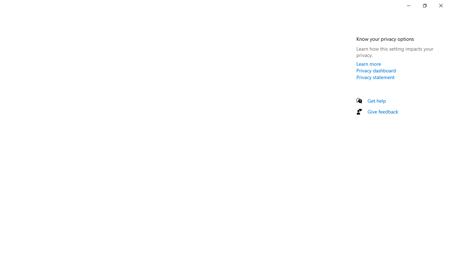 The height and width of the screenshot is (253, 449). I want to click on 'Give feedback', so click(382, 111).